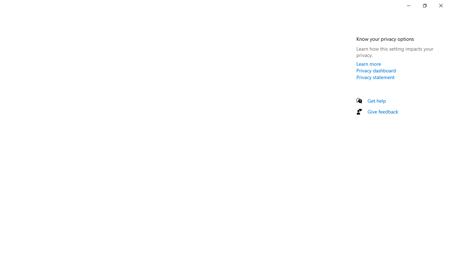 The height and width of the screenshot is (253, 449). I want to click on 'Give feedback', so click(382, 111).